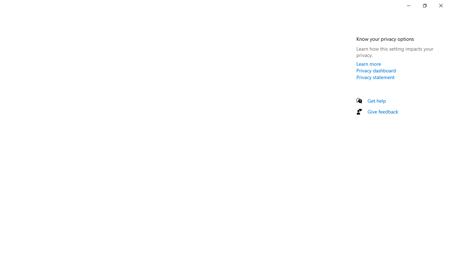 The height and width of the screenshot is (253, 449). I want to click on 'Give feedback', so click(382, 111).